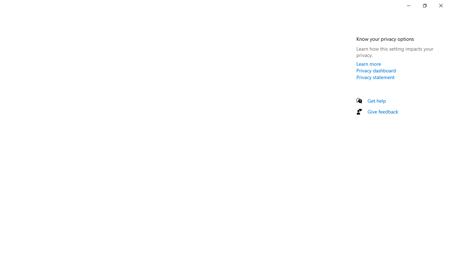 The height and width of the screenshot is (253, 449). I want to click on 'Give feedback', so click(382, 111).